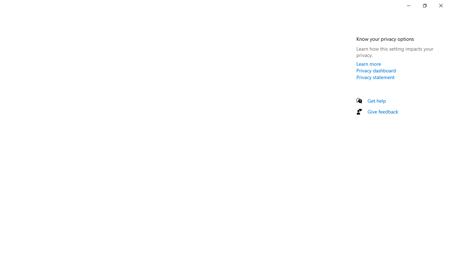 The height and width of the screenshot is (253, 449). I want to click on 'Give feedback', so click(382, 111).